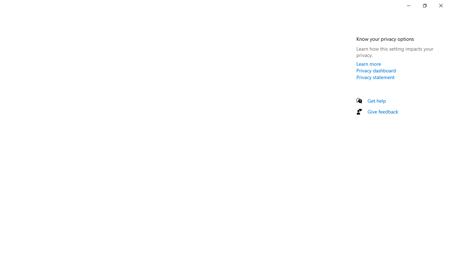 The height and width of the screenshot is (253, 449). I want to click on 'Give feedback', so click(382, 111).